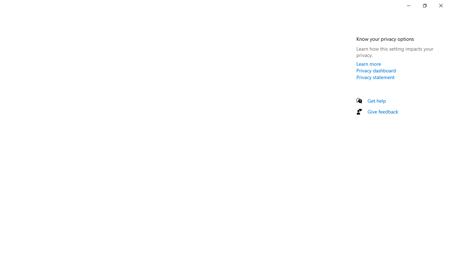 The height and width of the screenshot is (253, 449). I want to click on 'Give feedback', so click(382, 111).